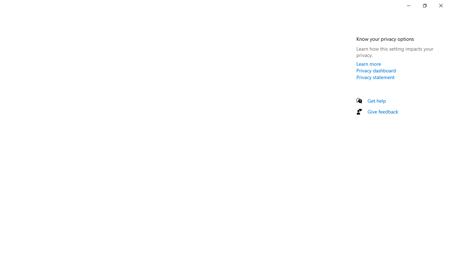 The height and width of the screenshot is (253, 449). I want to click on 'Give feedback', so click(382, 111).